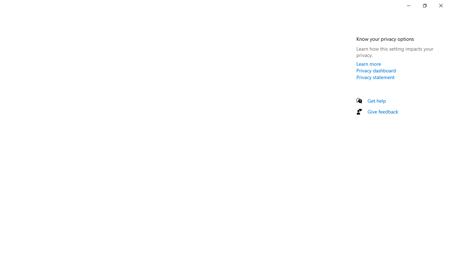 The height and width of the screenshot is (253, 449). I want to click on 'Give feedback', so click(382, 111).